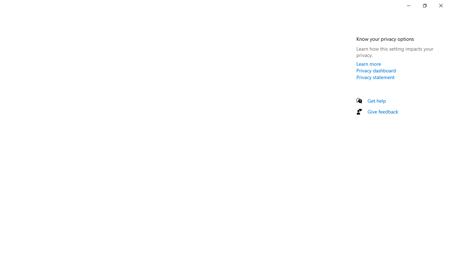 The height and width of the screenshot is (253, 449). I want to click on 'Give feedback', so click(382, 111).